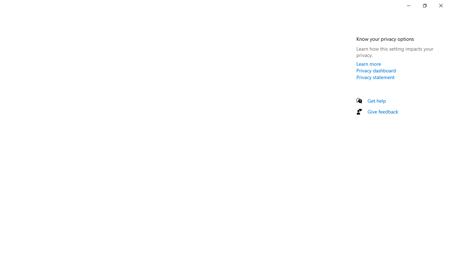 The height and width of the screenshot is (253, 449). I want to click on 'Give feedback', so click(382, 111).